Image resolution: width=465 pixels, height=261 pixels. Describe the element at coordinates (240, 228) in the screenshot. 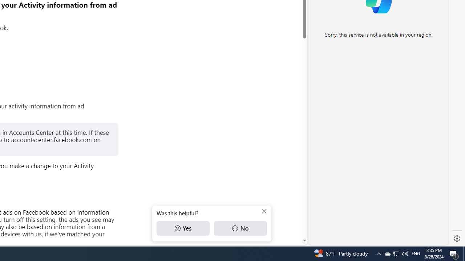

I see `'No'` at that location.